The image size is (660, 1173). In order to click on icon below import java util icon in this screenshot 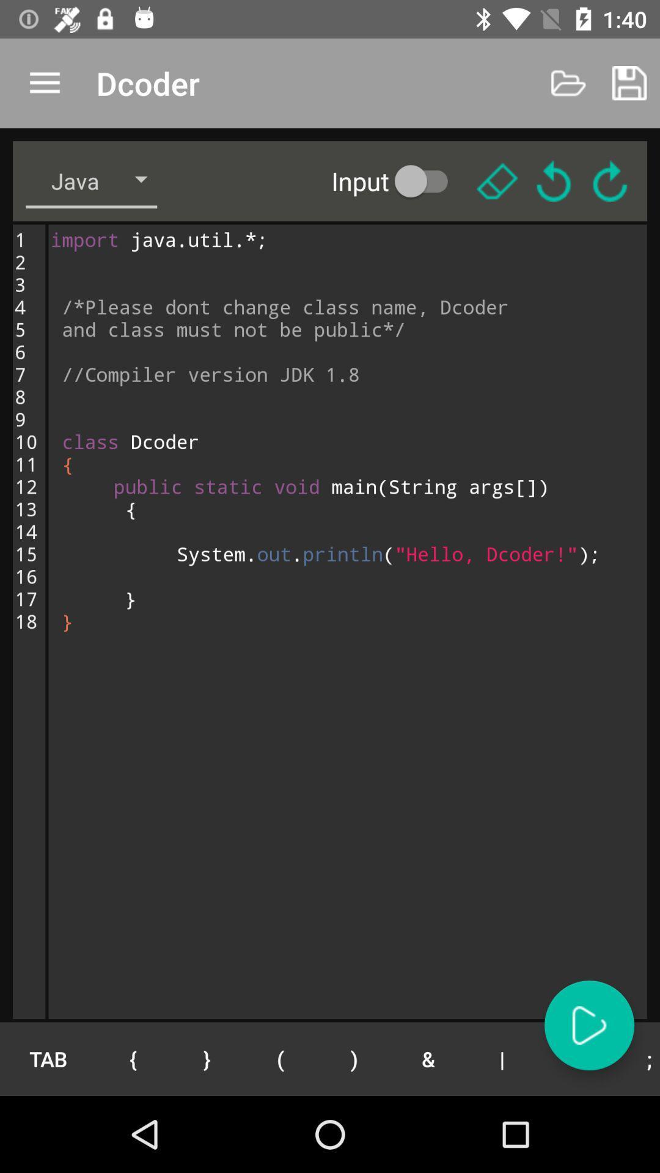, I will do `click(280, 1058)`.